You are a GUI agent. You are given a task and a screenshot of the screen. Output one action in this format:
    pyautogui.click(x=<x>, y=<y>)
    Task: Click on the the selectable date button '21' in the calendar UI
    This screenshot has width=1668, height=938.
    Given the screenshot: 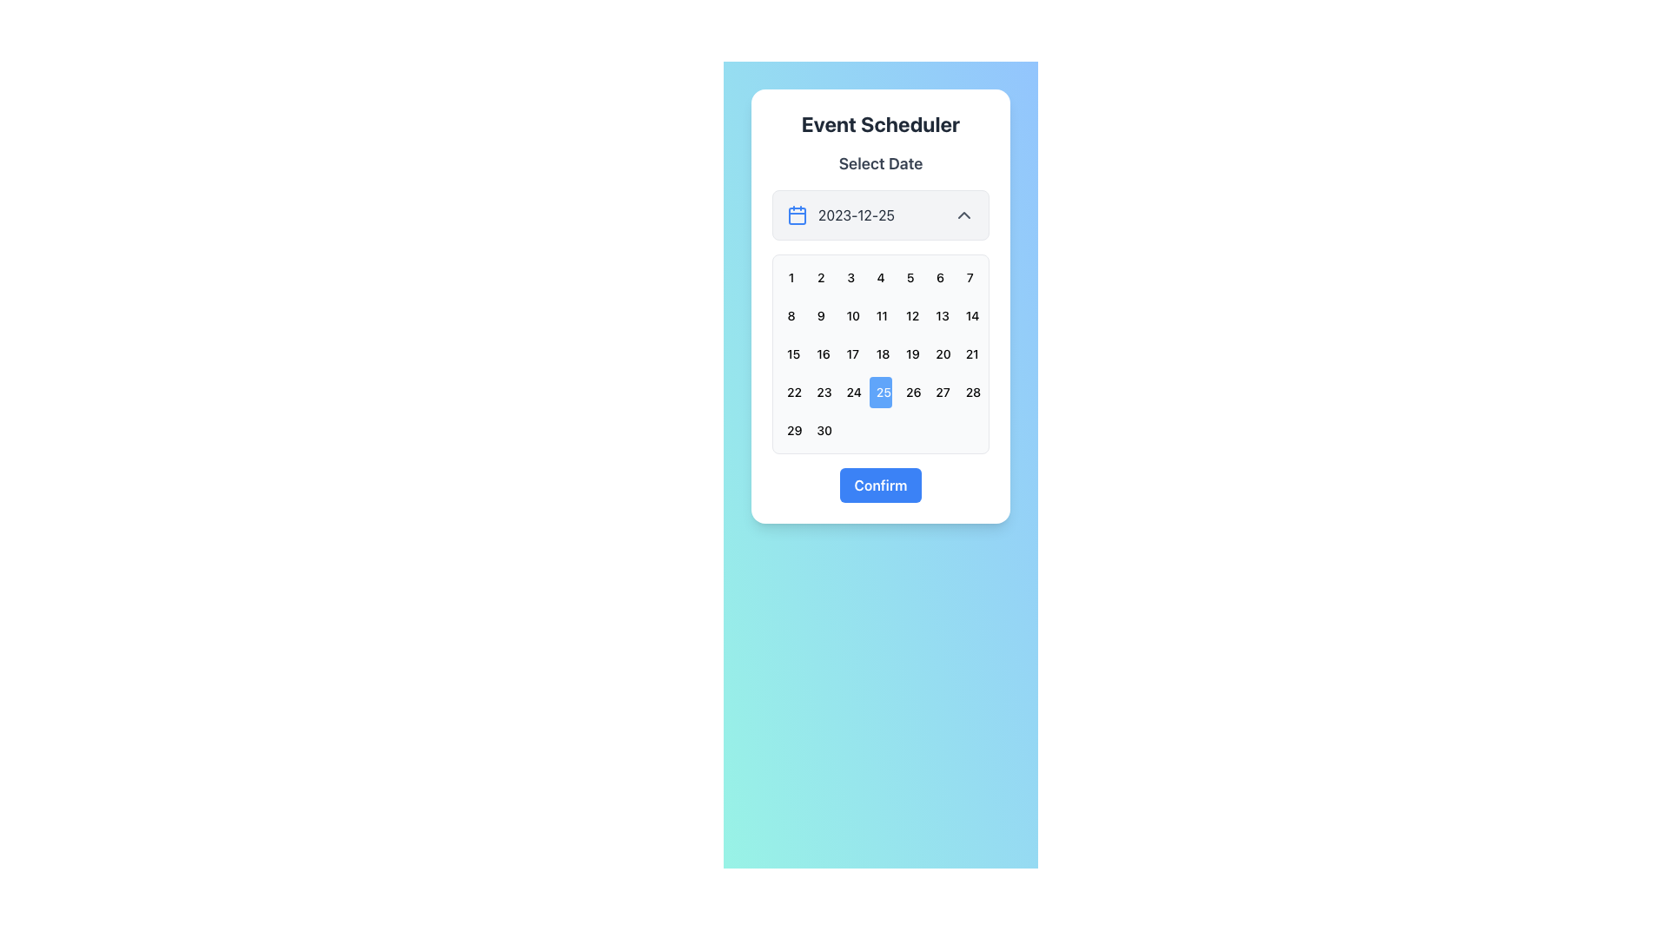 What is the action you would take?
    pyautogui.click(x=969, y=353)
    